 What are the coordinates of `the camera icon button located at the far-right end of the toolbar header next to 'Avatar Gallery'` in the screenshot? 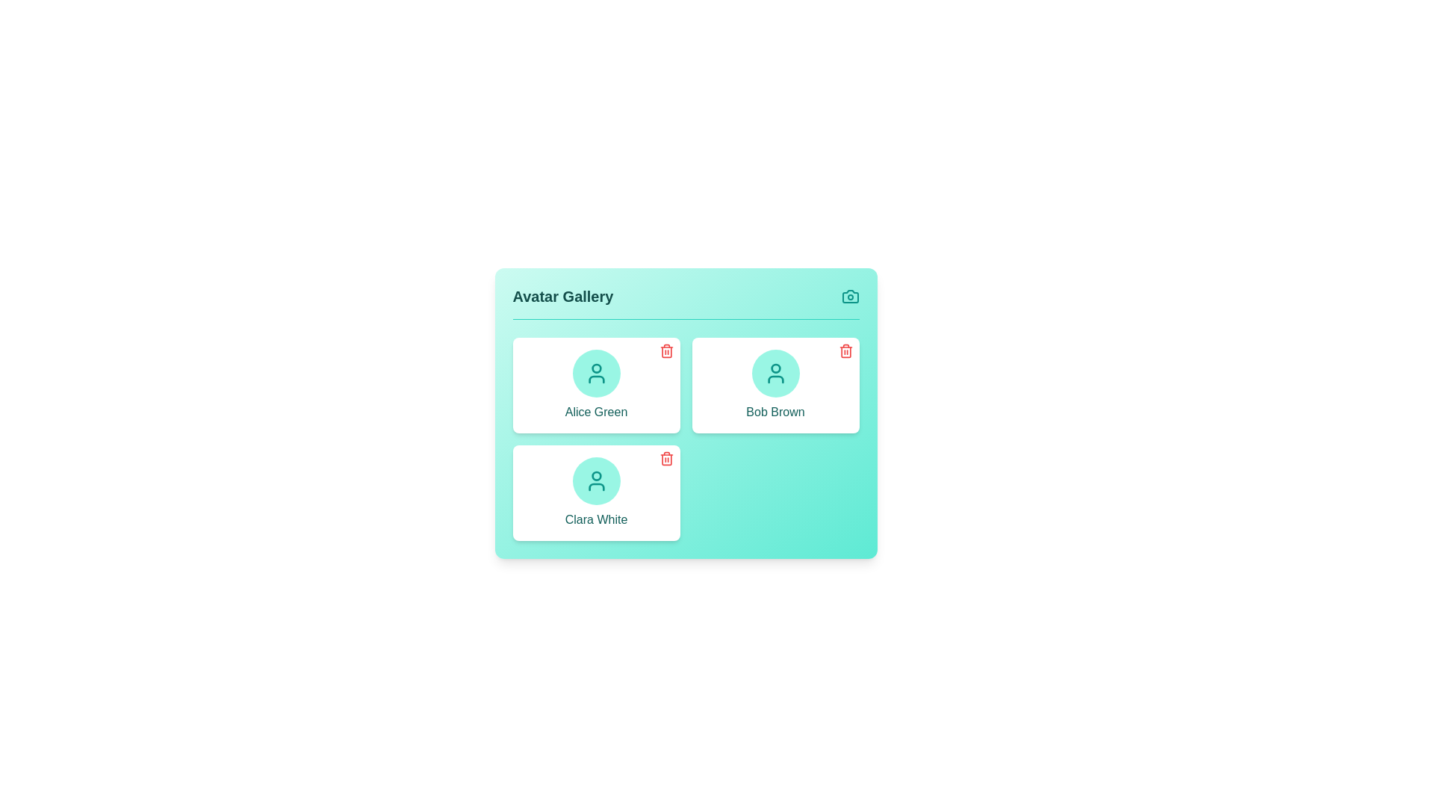 It's located at (850, 297).